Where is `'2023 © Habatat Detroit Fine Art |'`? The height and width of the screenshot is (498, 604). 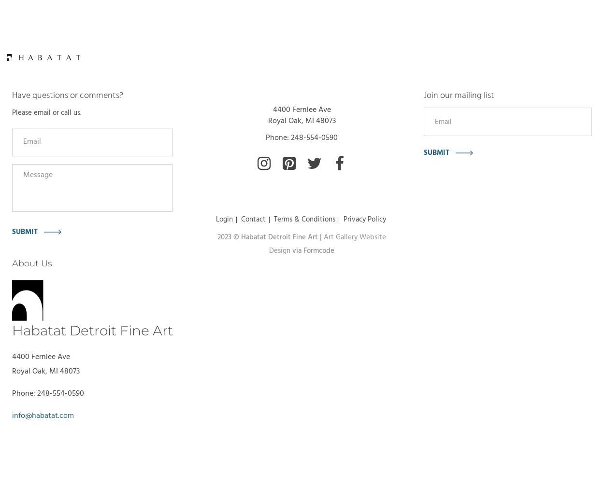 '2023 © Habatat Detroit Fine Art |' is located at coordinates (217, 236).